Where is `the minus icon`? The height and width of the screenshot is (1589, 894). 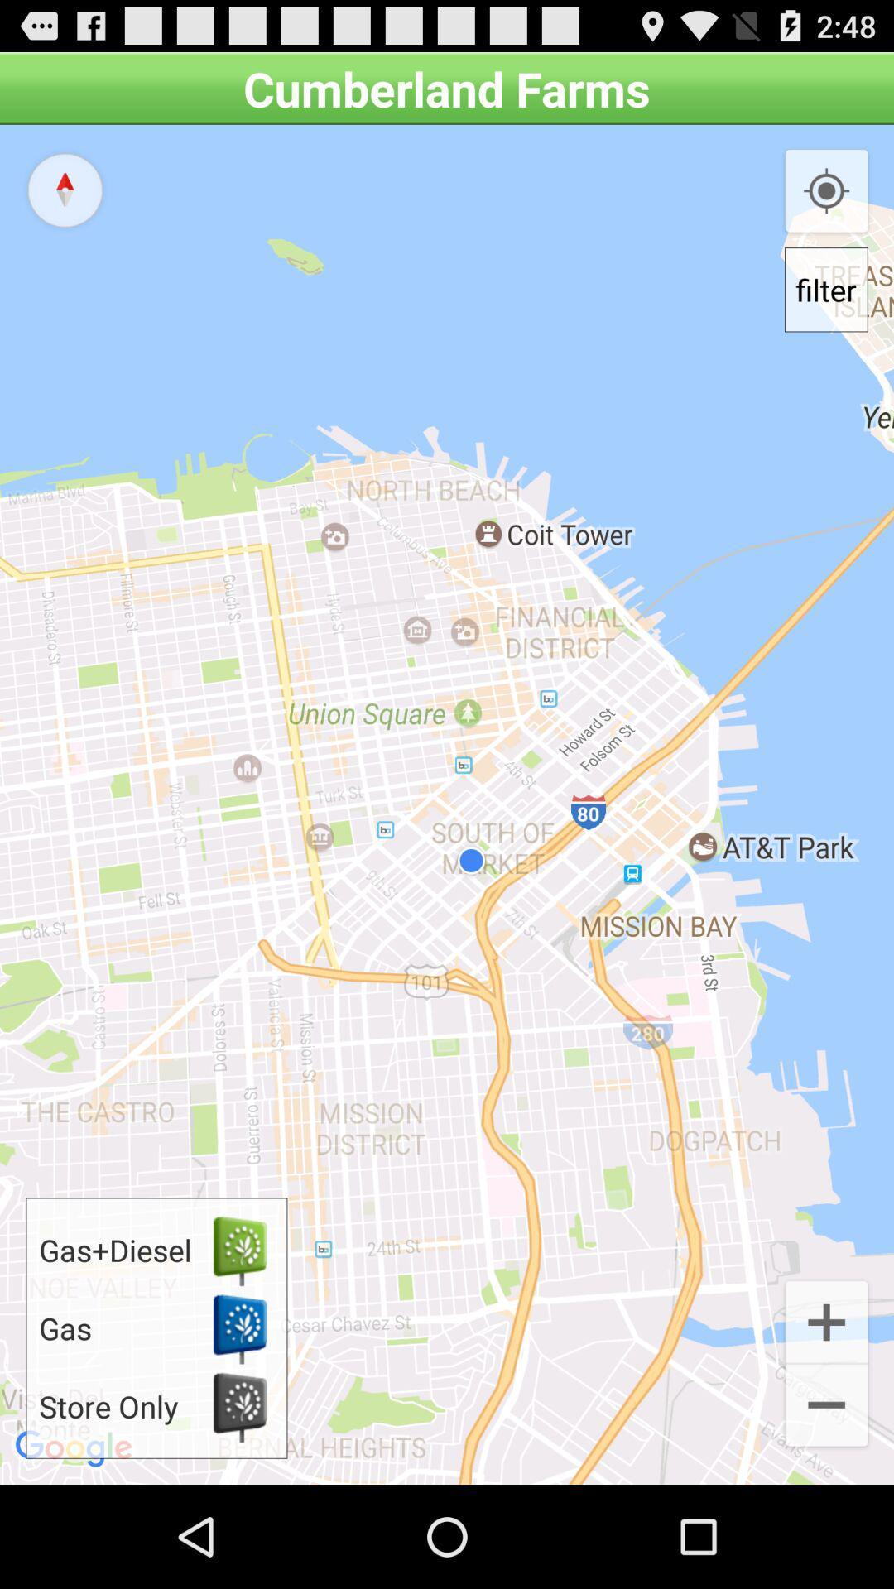 the minus icon is located at coordinates (826, 1506).